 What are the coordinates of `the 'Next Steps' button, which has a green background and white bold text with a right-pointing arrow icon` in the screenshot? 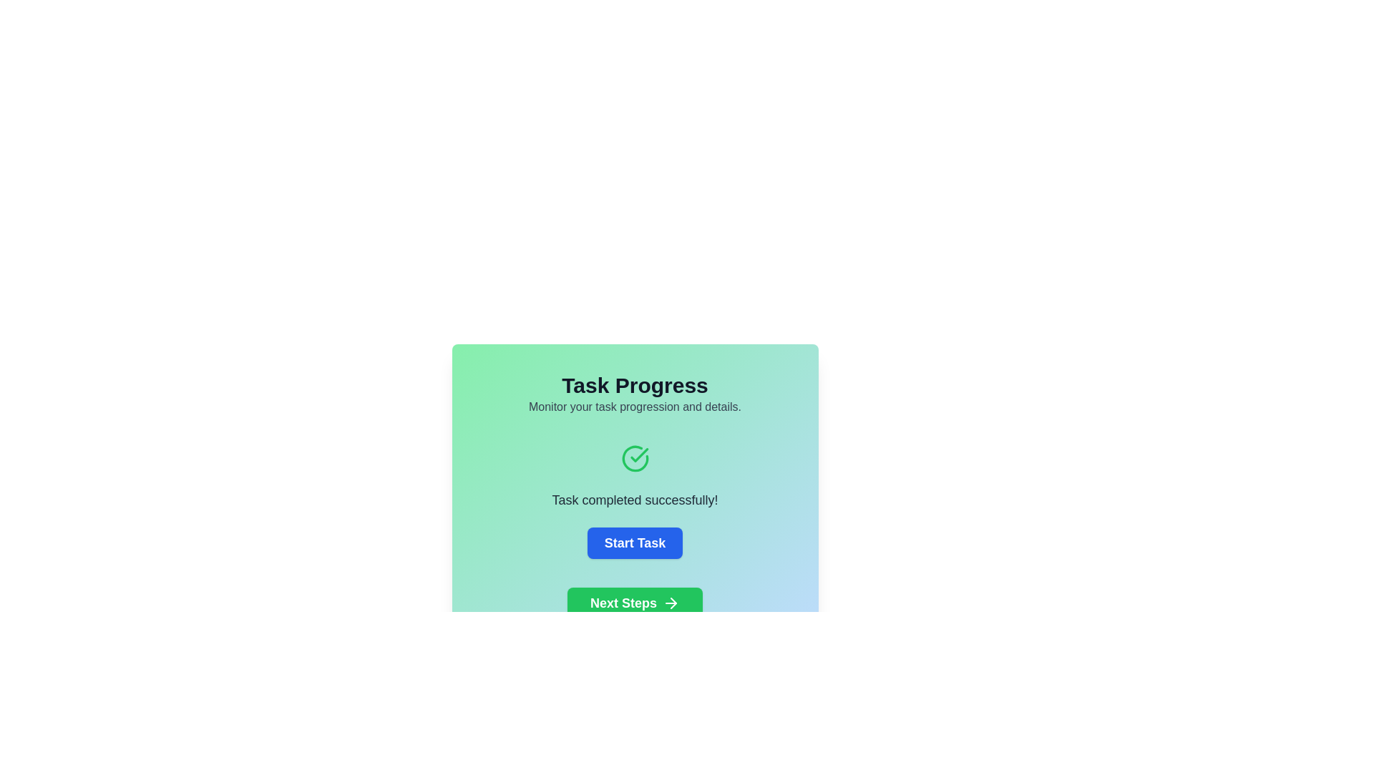 It's located at (634, 603).